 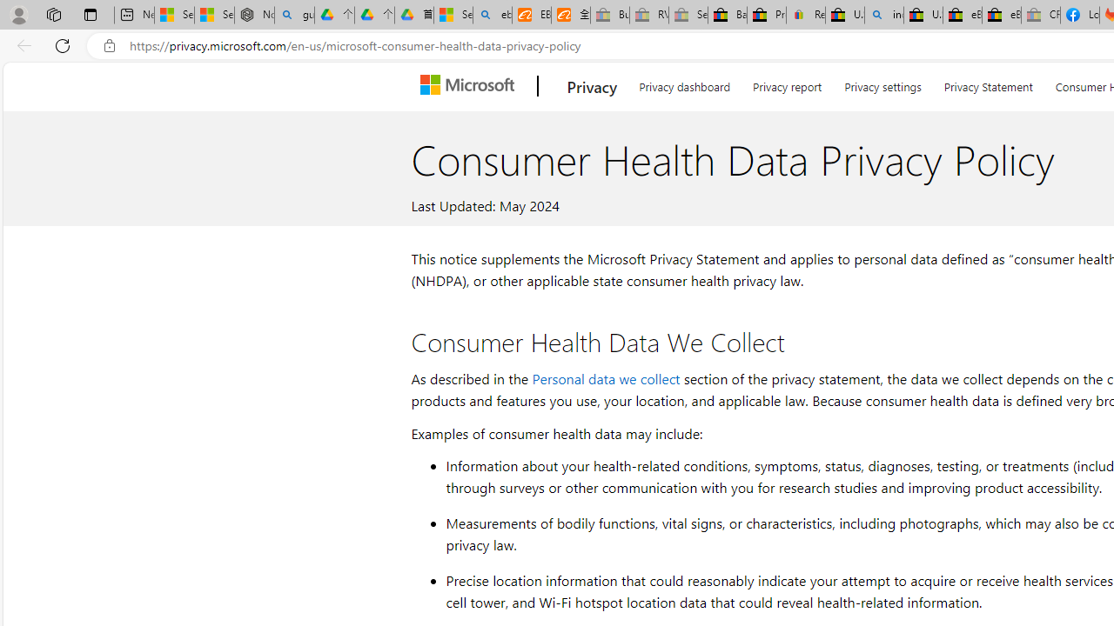 I want to click on 'Privacy Statement', so click(x=989, y=83).